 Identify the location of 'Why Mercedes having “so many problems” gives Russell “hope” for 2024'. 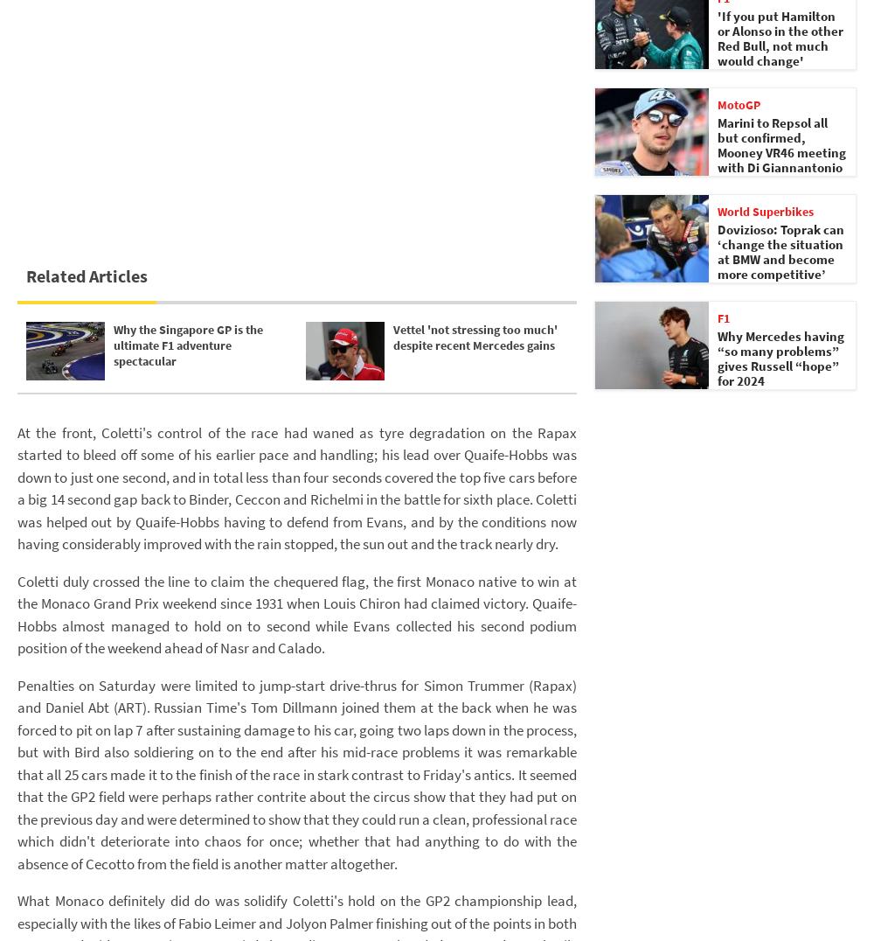
(780, 358).